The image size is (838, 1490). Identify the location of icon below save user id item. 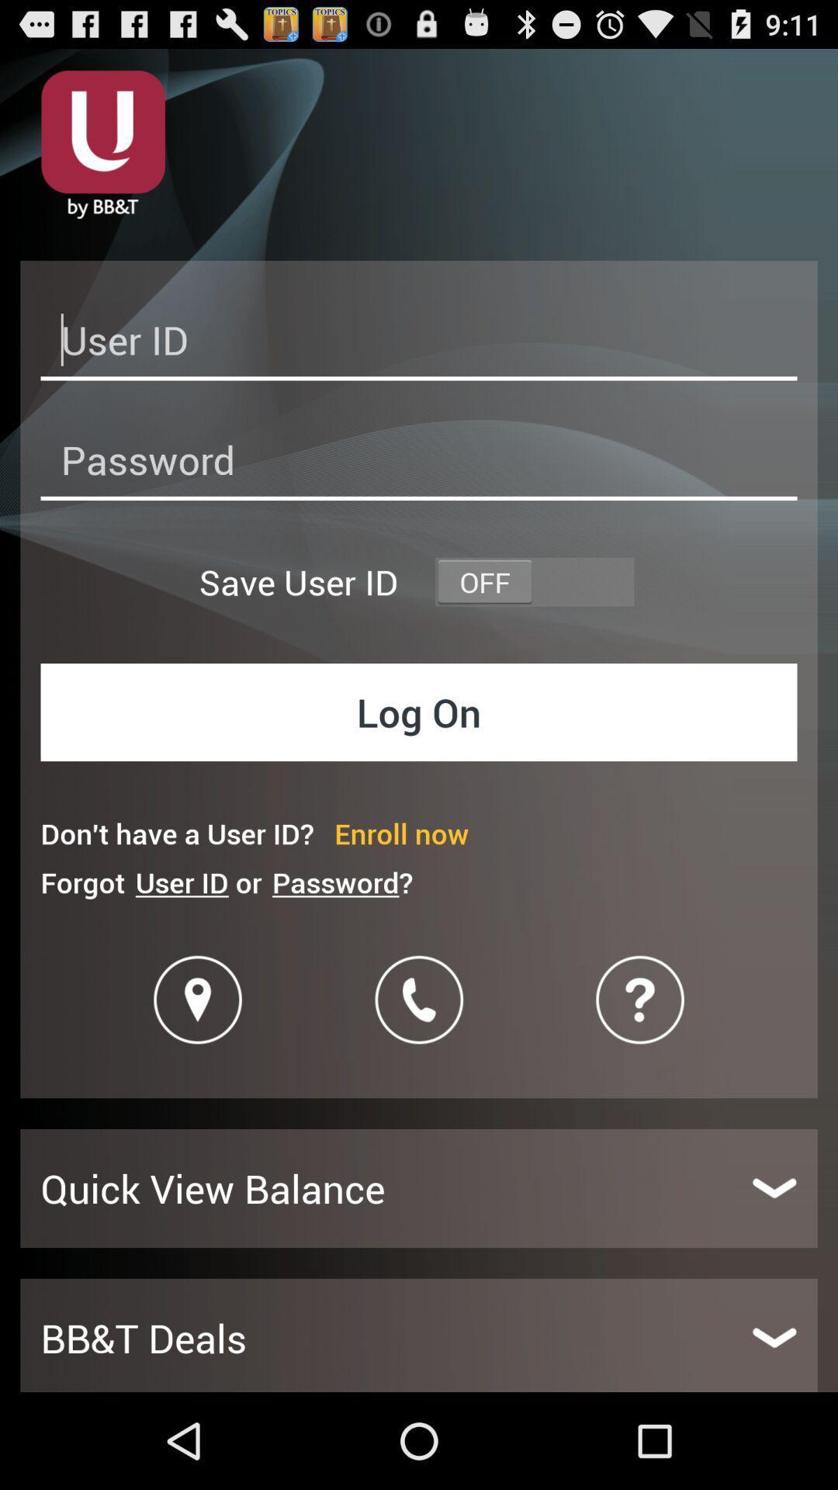
(419, 711).